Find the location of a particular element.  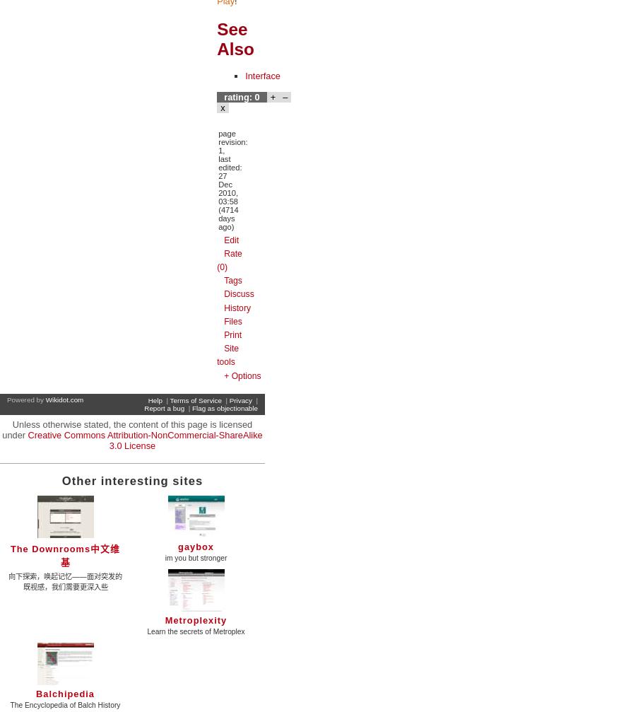

'Edit' is located at coordinates (230, 239).